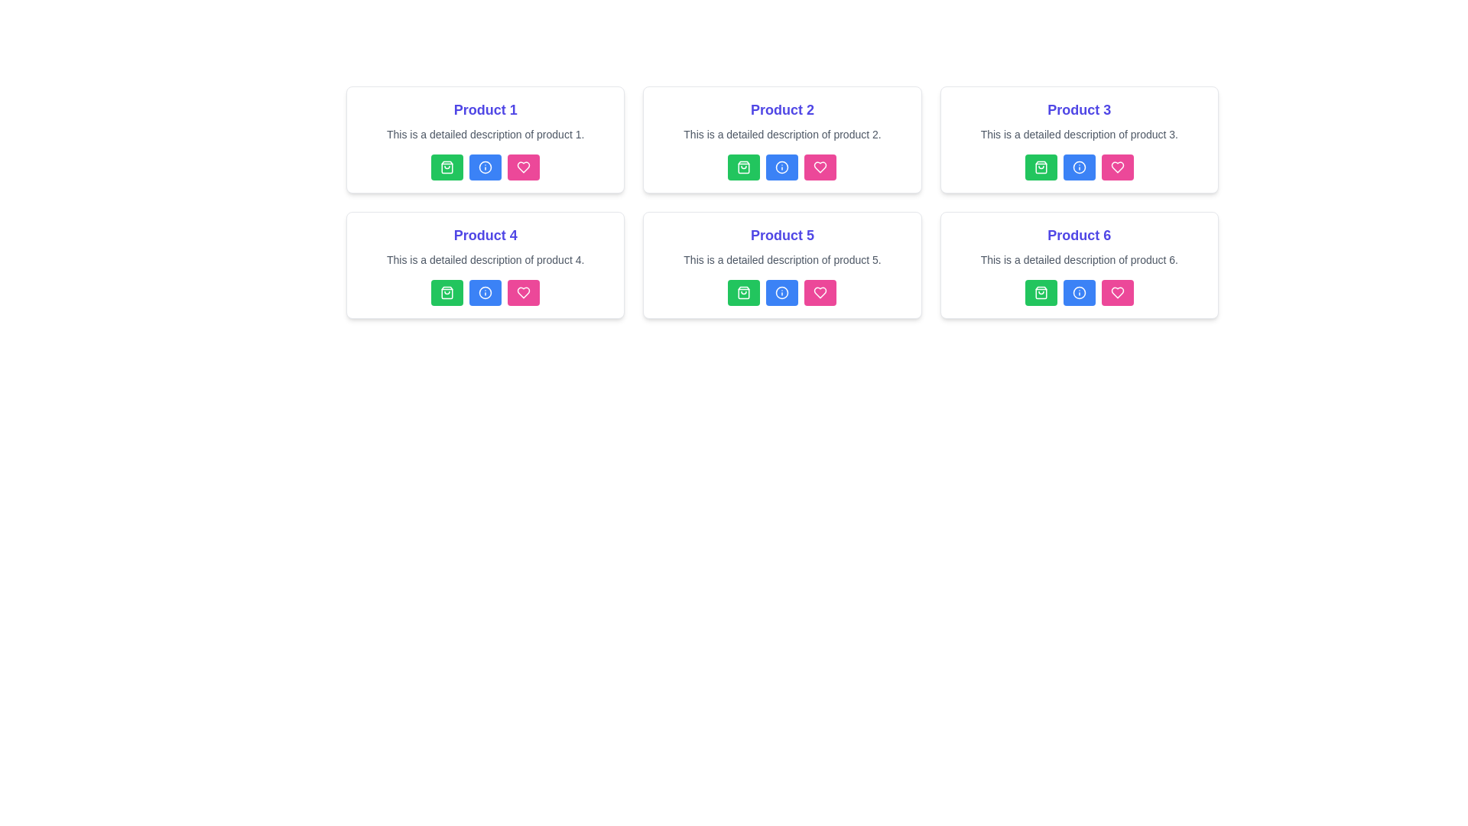 The width and height of the screenshot is (1468, 826). Describe the element at coordinates (524, 167) in the screenshot. I see `the 'favorite' icon button located as the third icon in the row of three within the card labeled 'Product 4'` at that location.